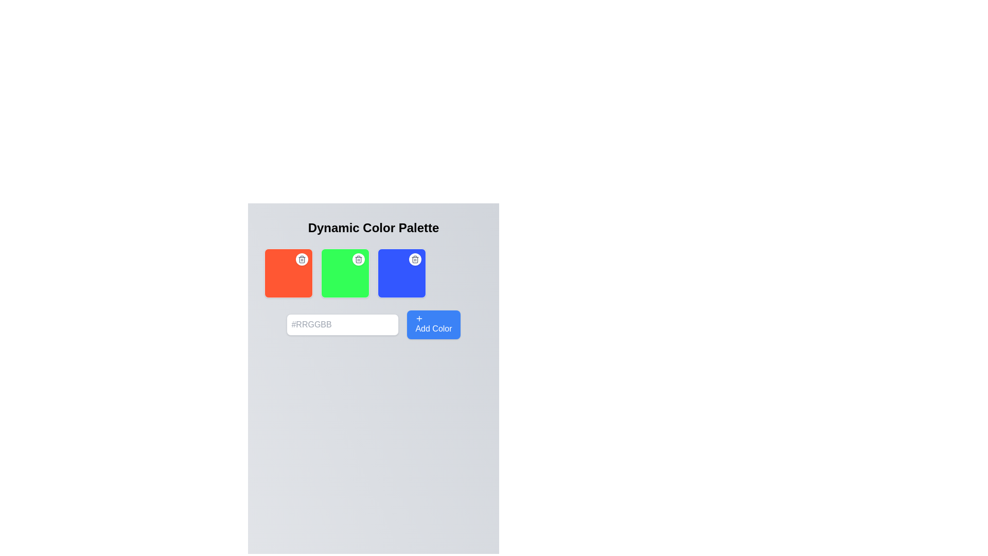  What do you see at coordinates (419, 318) in the screenshot?
I see `the icon indicating the ability to add new colors, which is centrally located within the blue 'Add Color' button at the bottom-right section of the interface` at bounding box center [419, 318].